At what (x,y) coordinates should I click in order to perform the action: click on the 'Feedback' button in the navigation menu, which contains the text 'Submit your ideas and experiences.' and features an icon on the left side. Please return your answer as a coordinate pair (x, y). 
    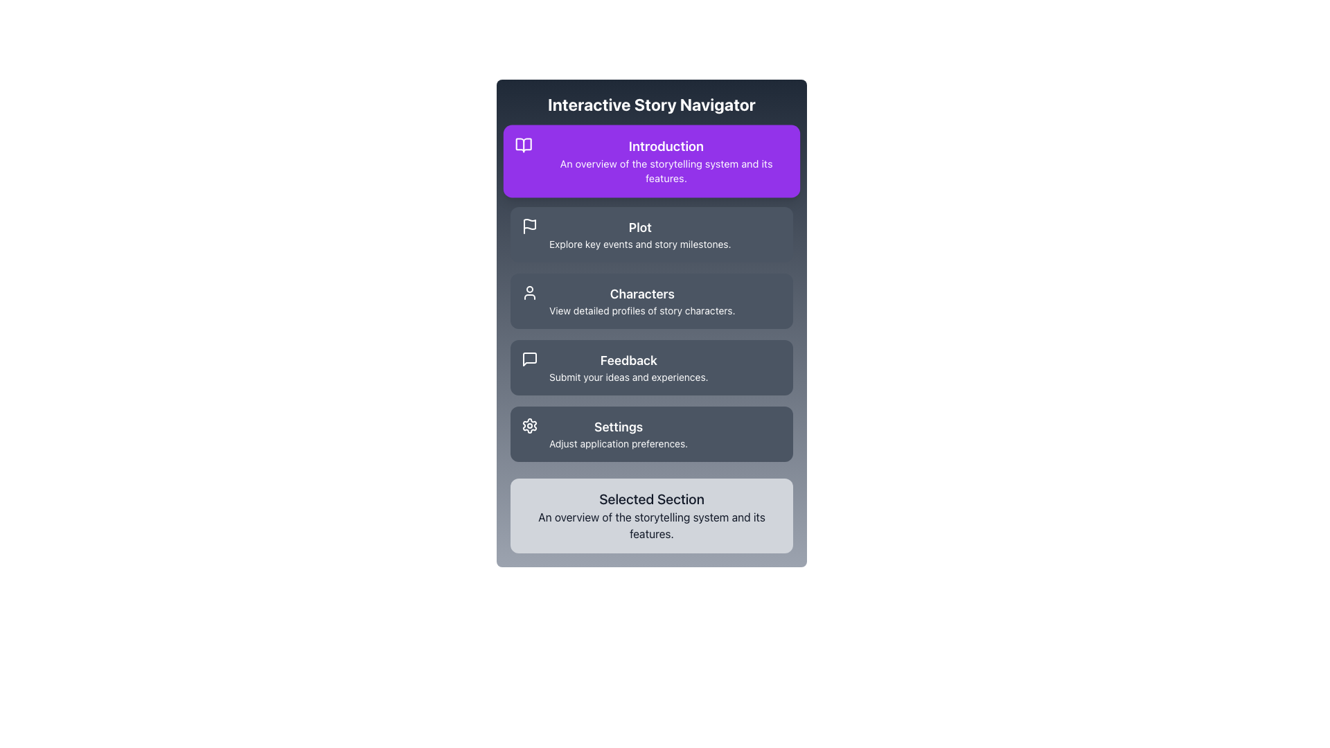
    Looking at the image, I should click on (534, 367).